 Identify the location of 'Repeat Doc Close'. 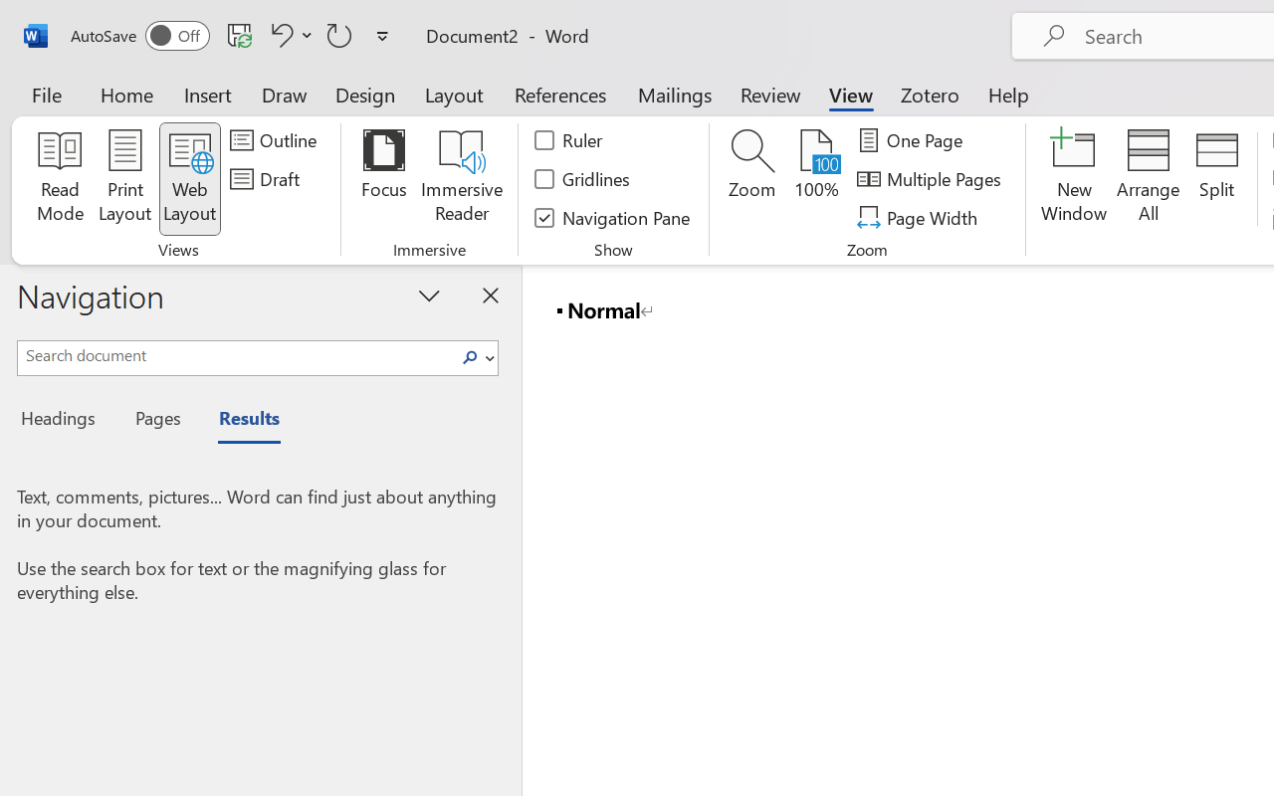
(339, 34).